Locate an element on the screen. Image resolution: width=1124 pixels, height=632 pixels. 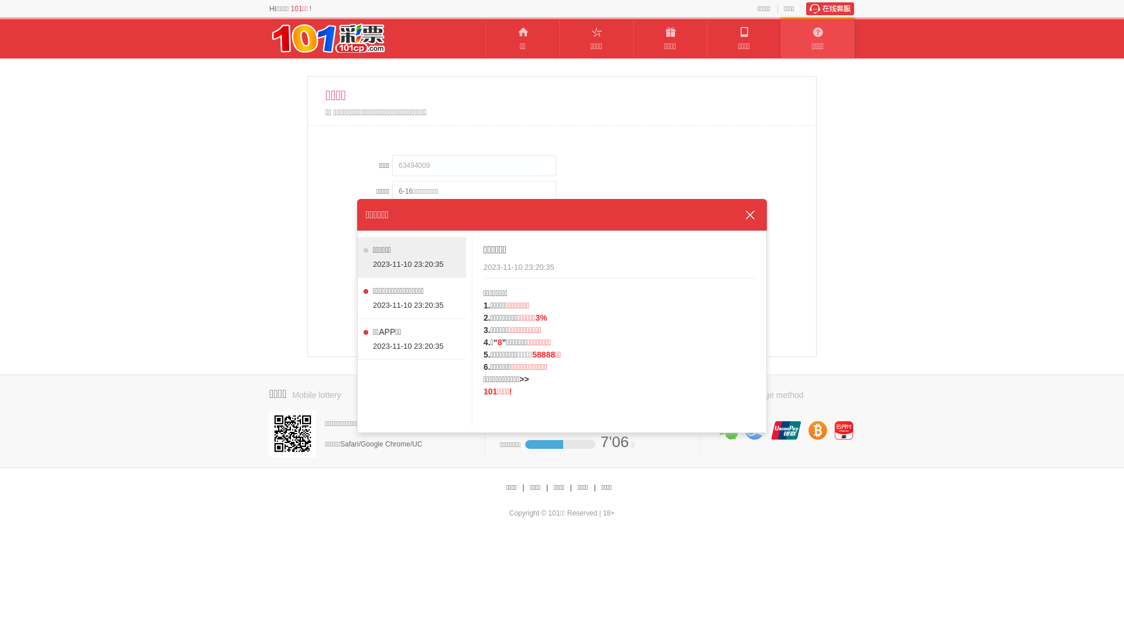
'|' is located at coordinates (546, 487).